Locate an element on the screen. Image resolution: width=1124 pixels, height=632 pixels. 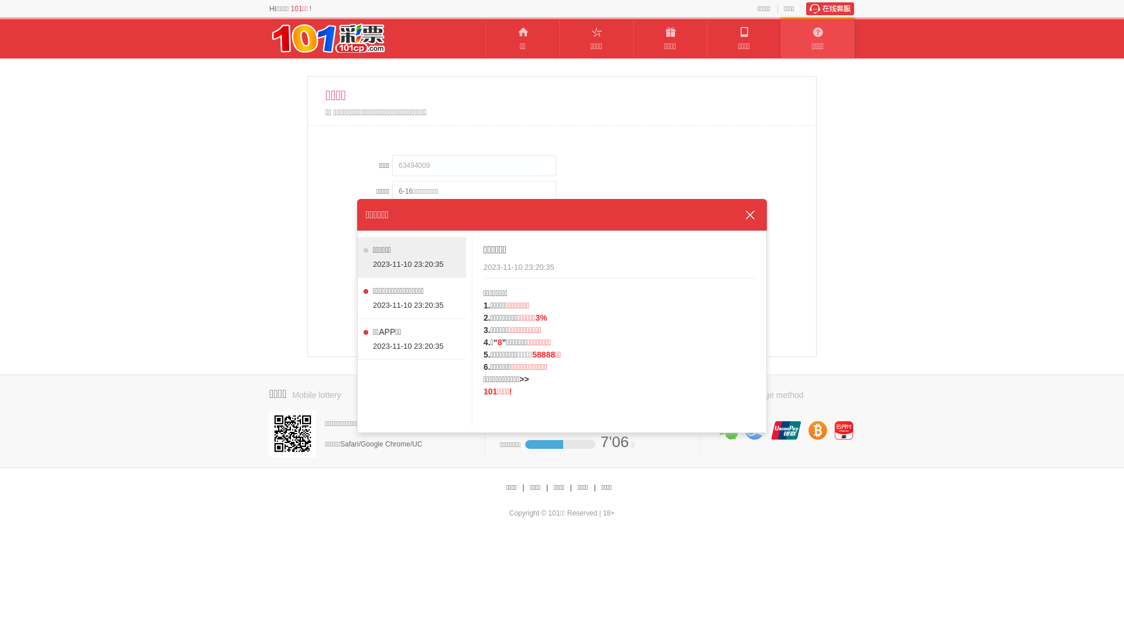
'|' is located at coordinates (546, 487).